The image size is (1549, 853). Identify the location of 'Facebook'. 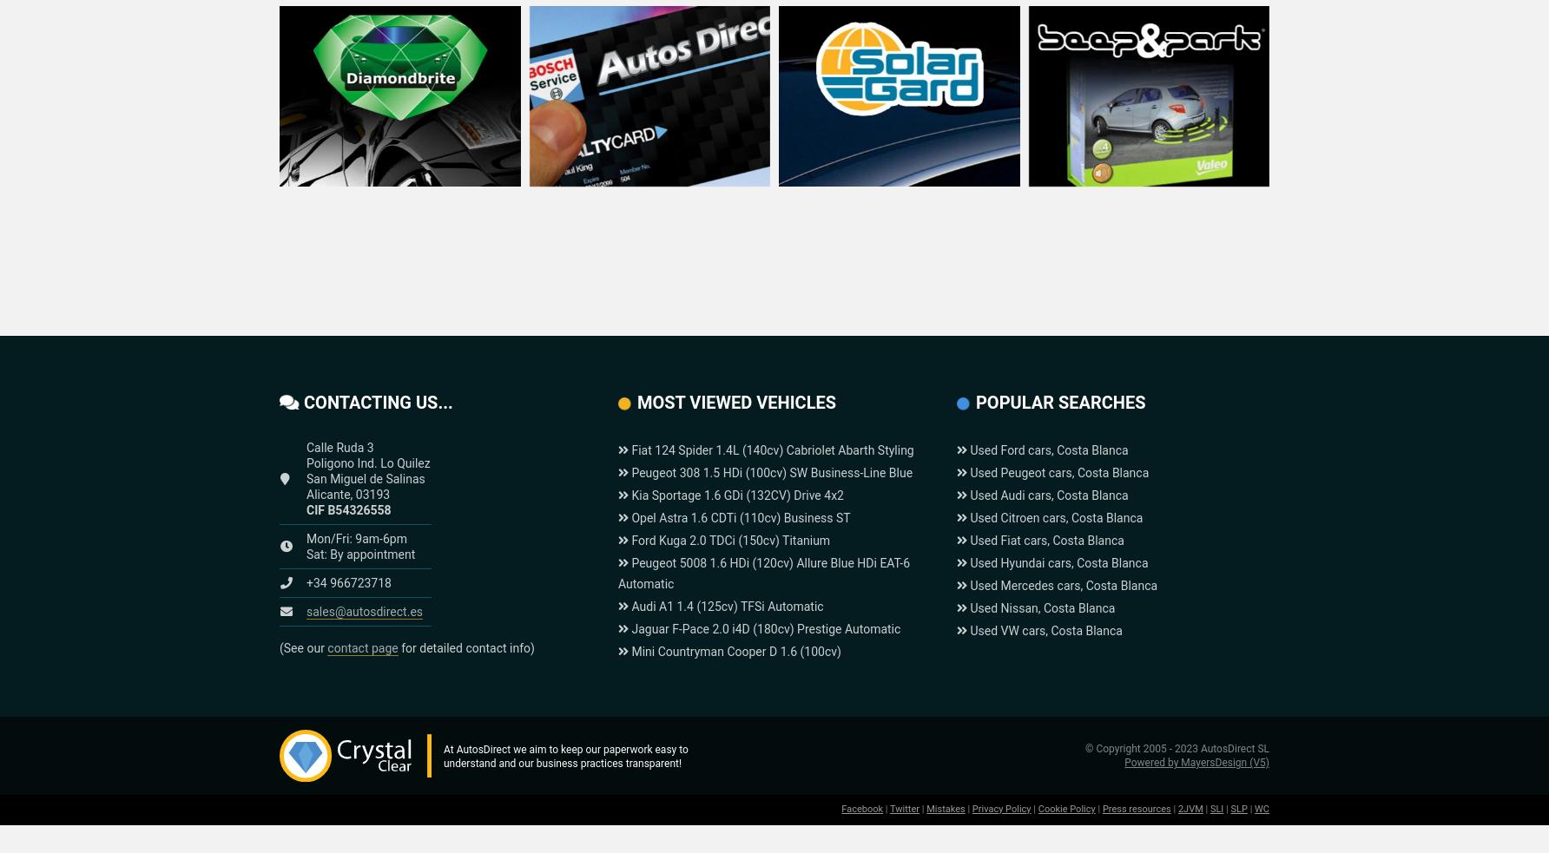
(861, 809).